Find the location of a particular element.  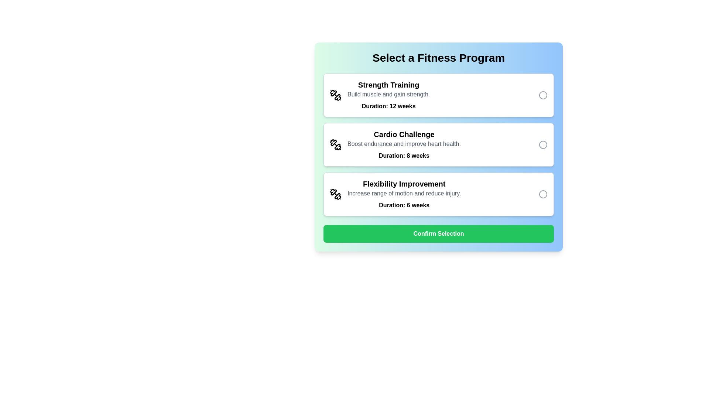

the confirmation button located at the bottom of the 'Select a Fitness Program' modal to confirm the selection of a fitness program is located at coordinates (439, 233).